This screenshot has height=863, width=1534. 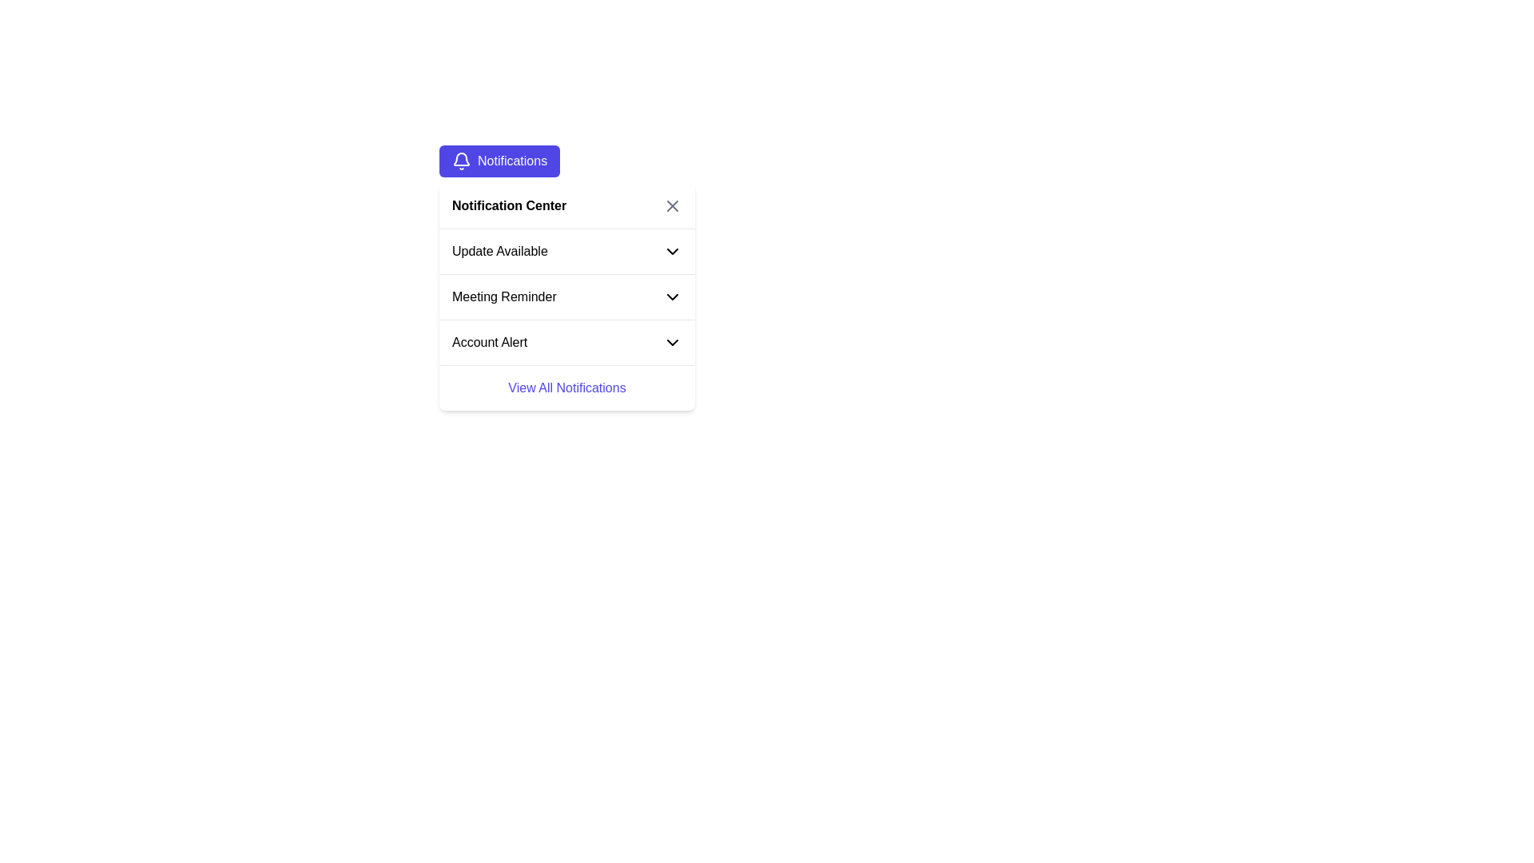 What do you see at coordinates (640, 161) in the screenshot?
I see `the header element that signifies the context of the notifications in the notification pane, located at the top of the section` at bounding box center [640, 161].